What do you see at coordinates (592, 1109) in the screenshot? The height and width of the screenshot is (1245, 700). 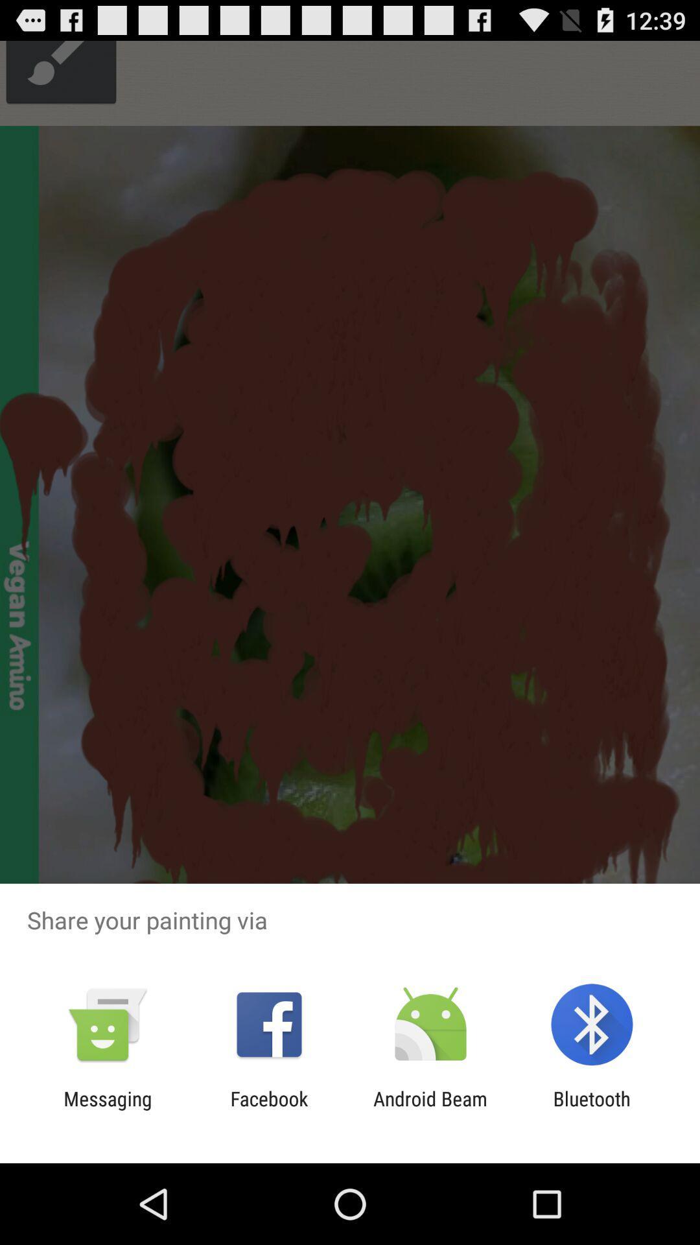 I see `the app next to android beam app` at bounding box center [592, 1109].